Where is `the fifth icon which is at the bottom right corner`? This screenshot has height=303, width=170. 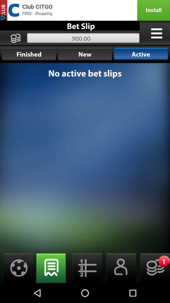 the fifth icon which is at the bottom right corner is located at coordinates (153, 268).